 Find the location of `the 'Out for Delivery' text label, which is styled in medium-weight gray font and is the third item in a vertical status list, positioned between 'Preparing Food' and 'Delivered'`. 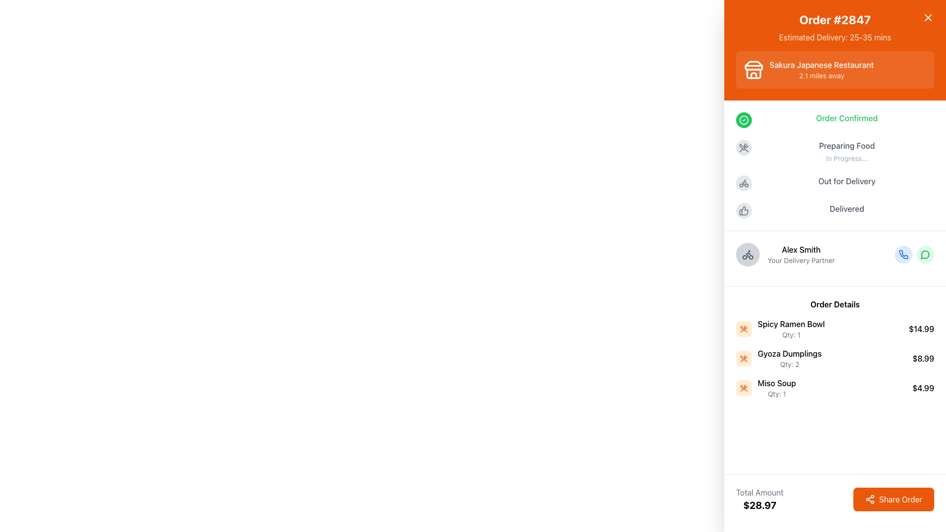

the 'Out for Delivery' text label, which is styled in medium-weight gray font and is the third item in a vertical status list, positioned between 'Preparing Food' and 'Delivered' is located at coordinates (846, 181).